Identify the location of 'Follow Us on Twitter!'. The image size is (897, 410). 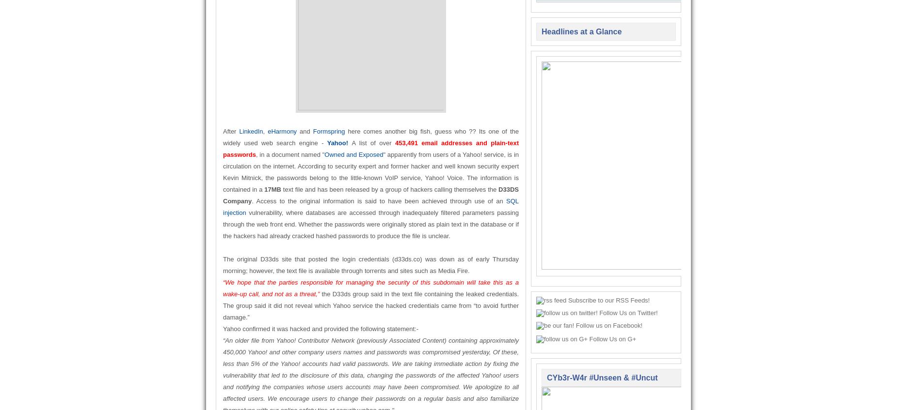
(627, 312).